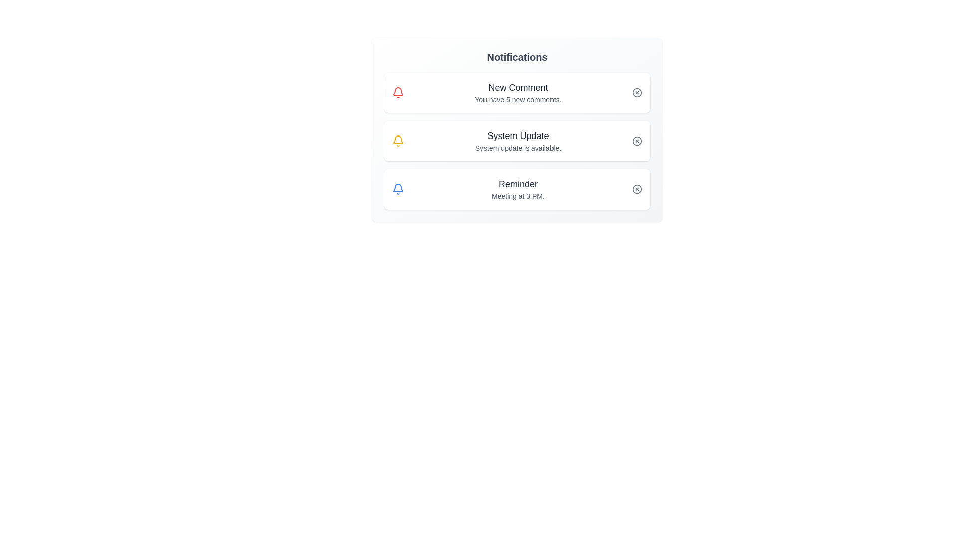  I want to click on the 'System Update' text label, which is styled in dark gray and is positioned in the middle notification entry of the interface, so click(518, 136).